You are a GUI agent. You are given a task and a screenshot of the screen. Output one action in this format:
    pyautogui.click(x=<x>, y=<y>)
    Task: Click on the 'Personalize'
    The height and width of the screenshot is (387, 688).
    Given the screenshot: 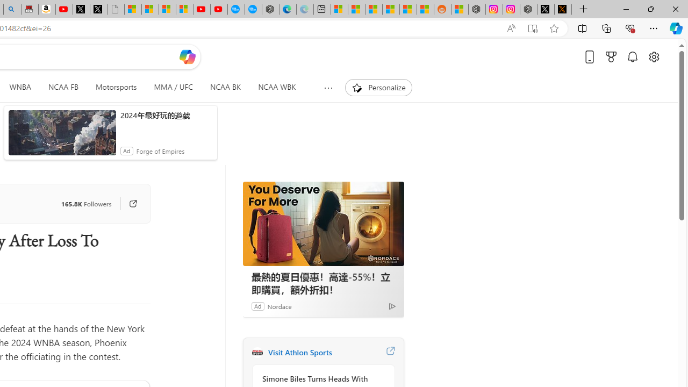 What is the action you would take?
    pyautogui.click(x=378, y=87)
    